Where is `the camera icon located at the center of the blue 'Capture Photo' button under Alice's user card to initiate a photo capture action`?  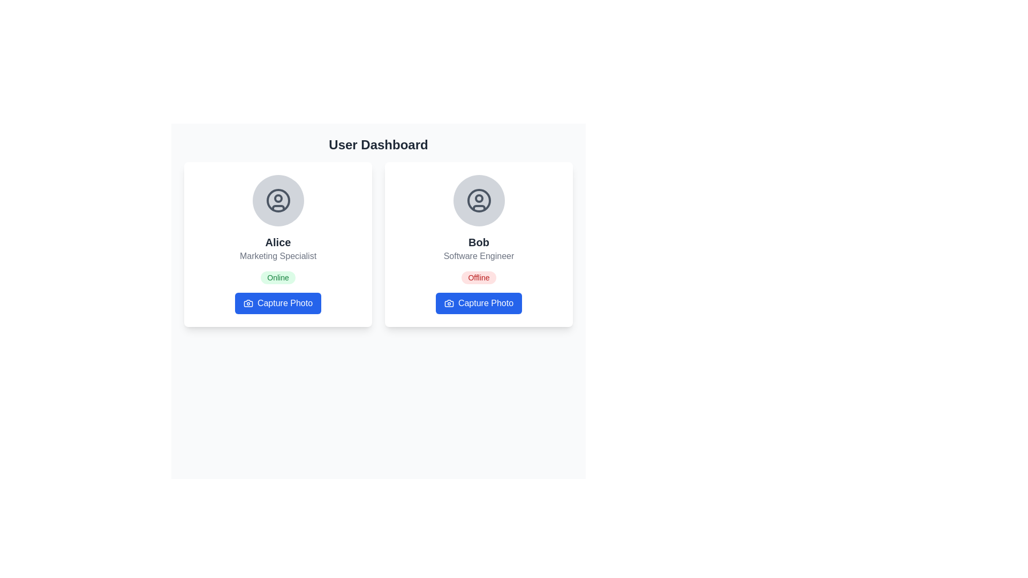
the camera icon located at the center of the blue 'Capture Photo' button under Alice's user card to initiate a photo capture action is located at coordinates (247, 303).